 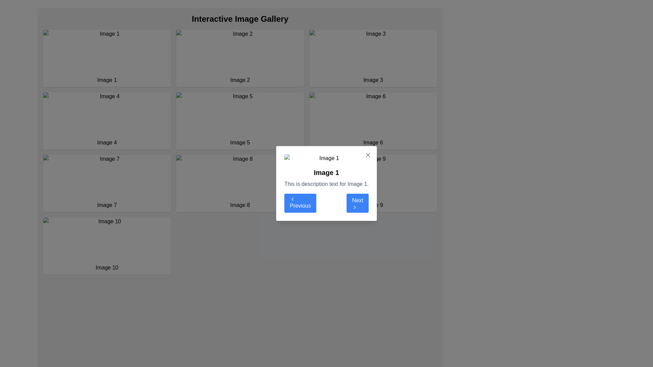 What do you see at coordinates (240, 142) in the screenshot?
I see `the Text Label below 'Image 5' in the second row and first column of the gallery grid` at bounding box center [240, 142].